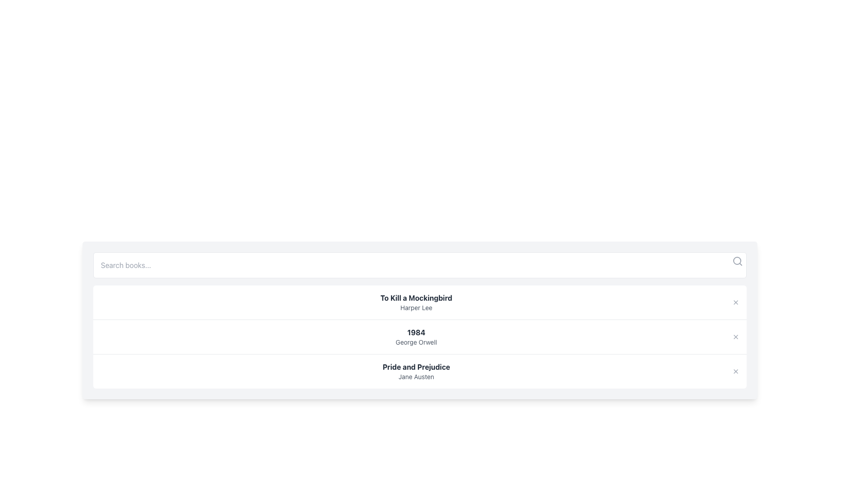 This screenshot has width=861, height=484. I want to click on the Label element displaying the text 'Harper Lee' located beneath the title 'To Kill a Mockingbird' in a structured list, so click(416, 307).